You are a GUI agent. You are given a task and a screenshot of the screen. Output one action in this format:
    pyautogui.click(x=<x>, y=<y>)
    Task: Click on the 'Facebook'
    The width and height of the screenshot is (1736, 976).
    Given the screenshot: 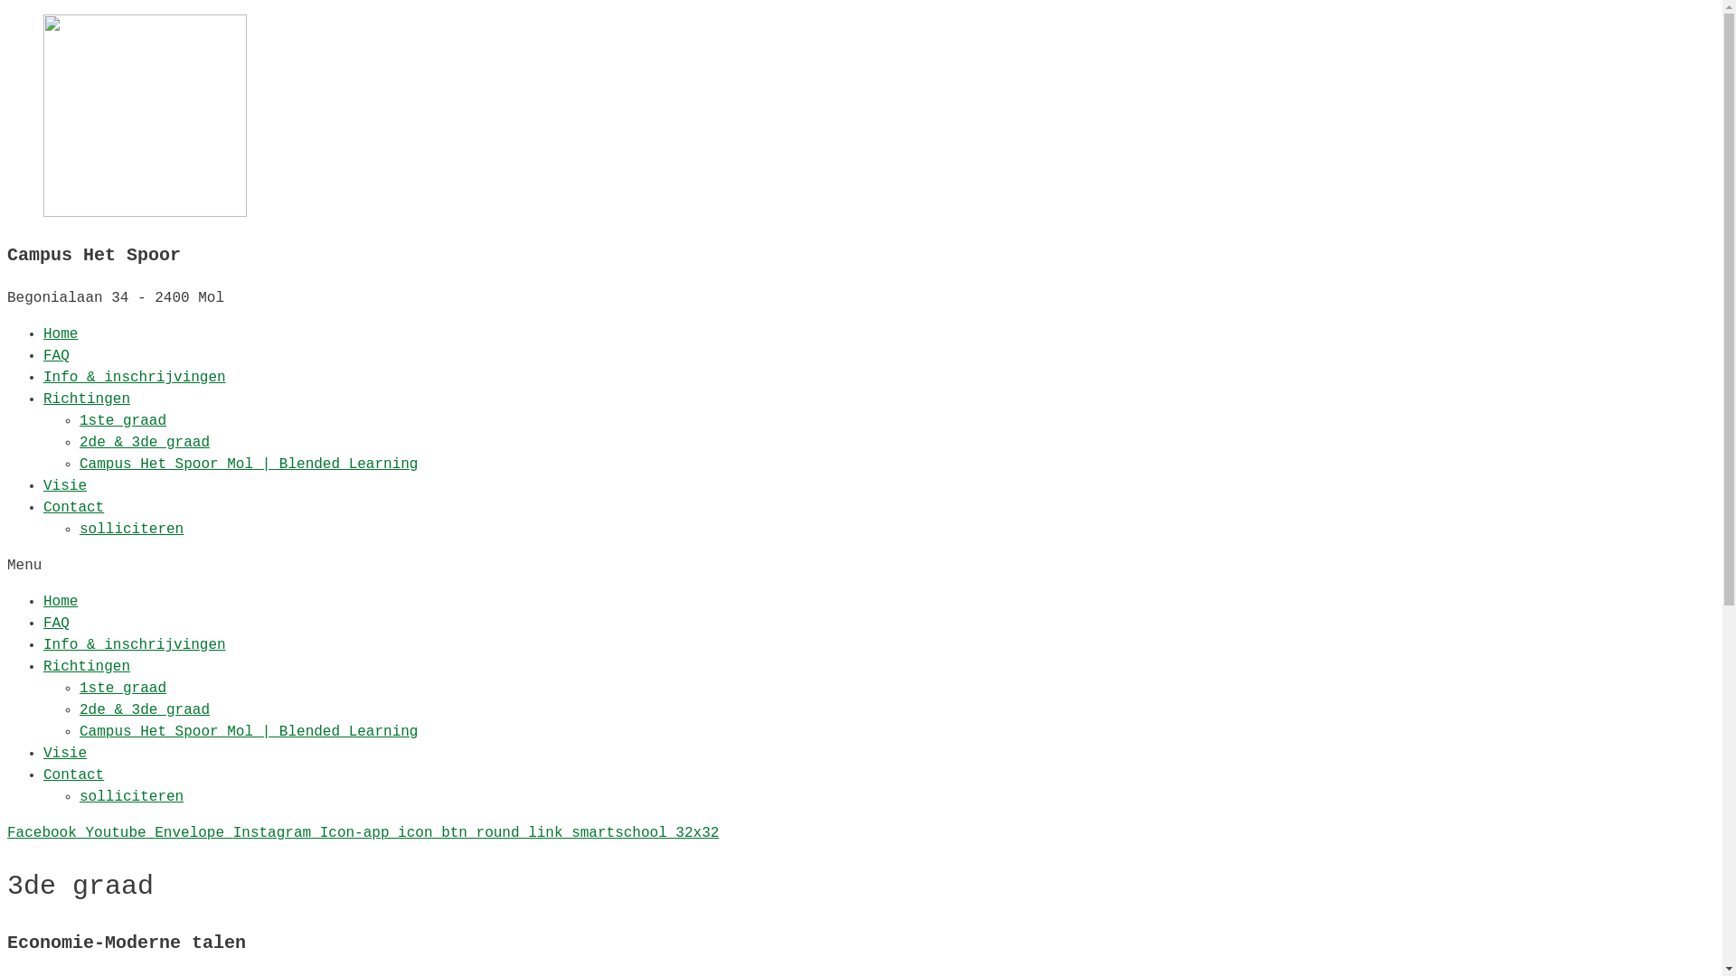 What is the action you would take?
    pyautogui.click(x=7, y=832)
    